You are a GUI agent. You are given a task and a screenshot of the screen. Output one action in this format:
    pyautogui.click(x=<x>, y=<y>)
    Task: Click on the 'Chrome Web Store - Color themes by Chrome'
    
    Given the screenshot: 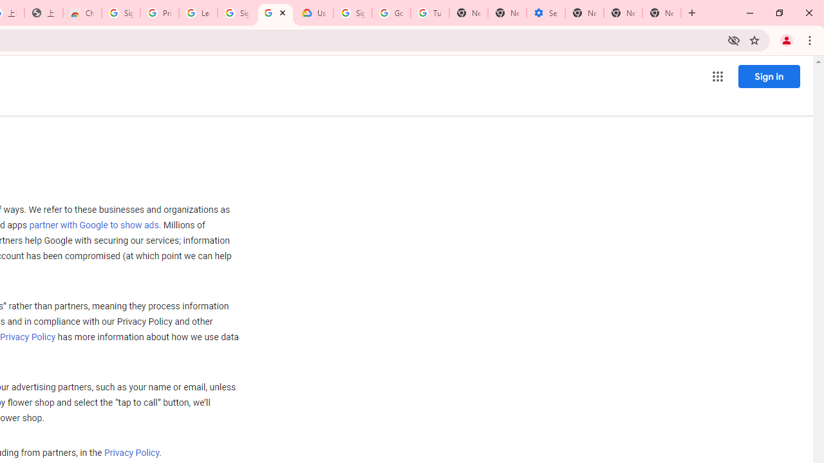 What is the action you would take?
    pyautogui.click(x=82, y=13)
    